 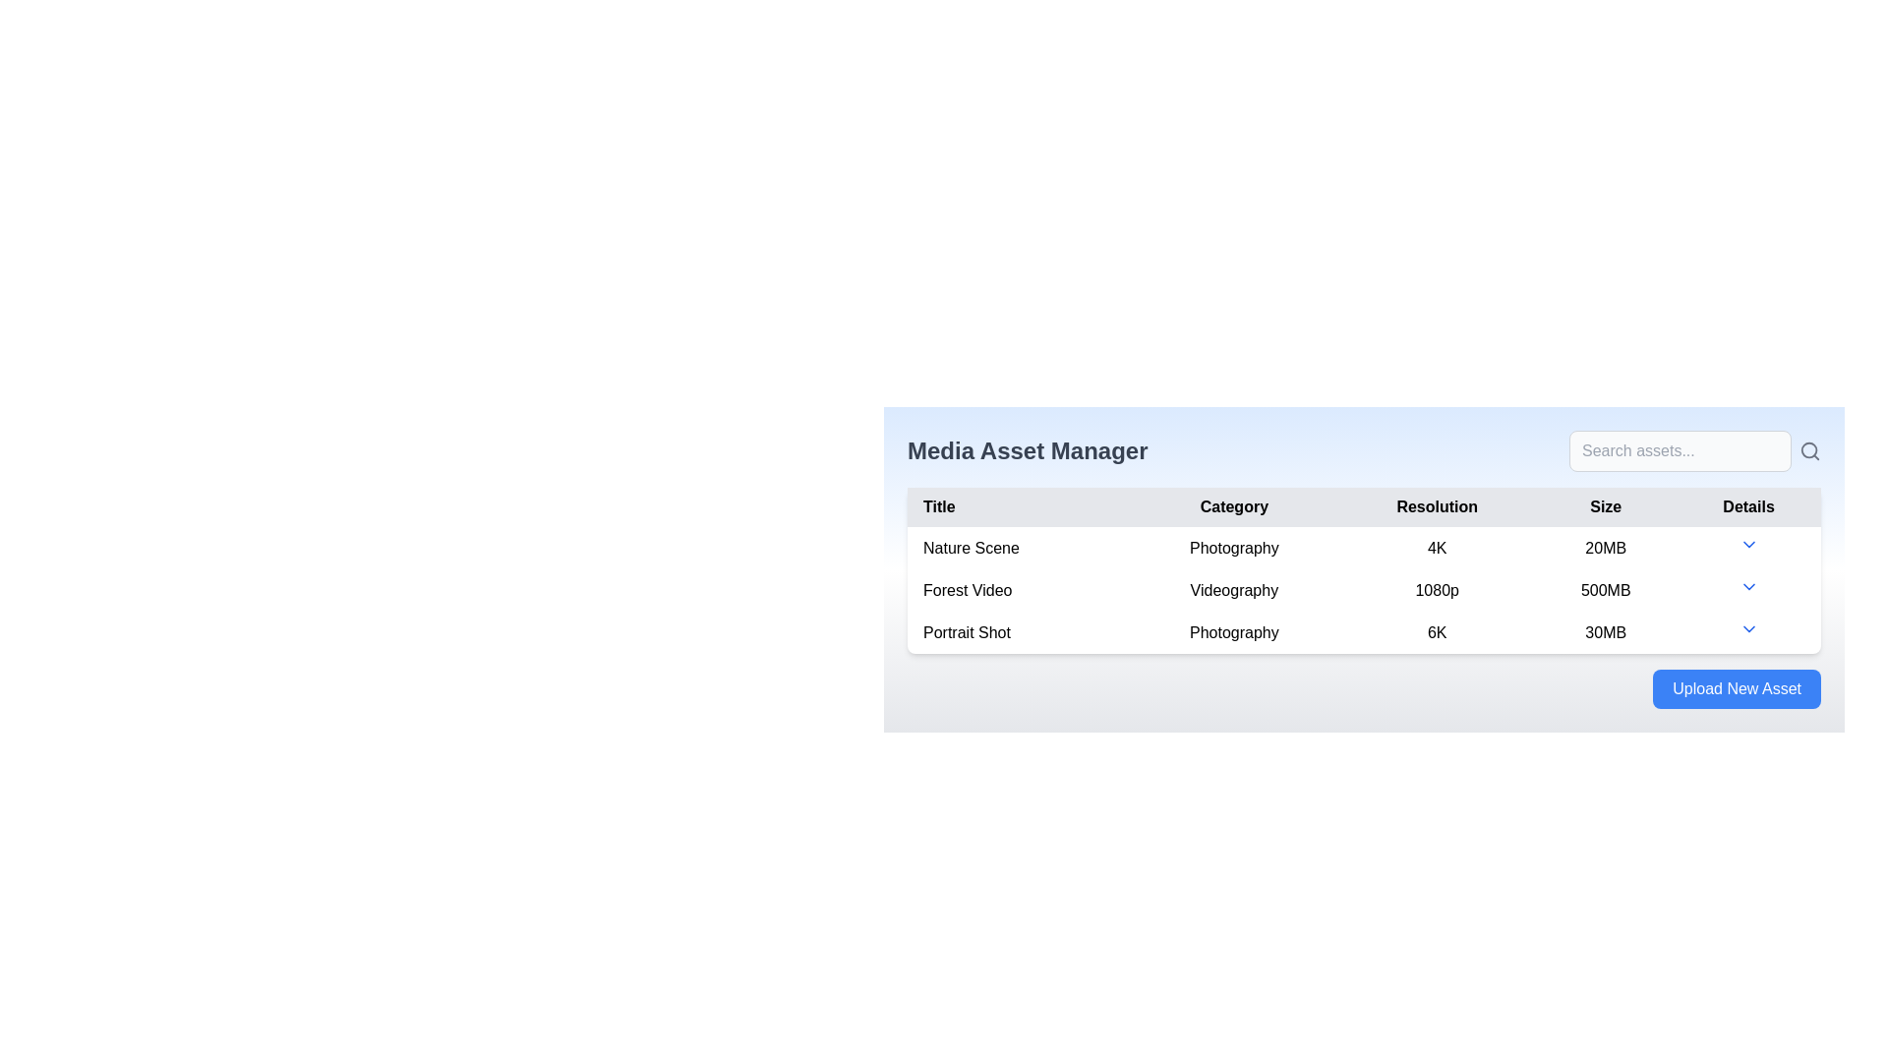 What do you see at coordinates (1606, 589) in the screenshot?
I see `text label displaying '500MB' located in the 'Size' column of the second row corresponding to the 'Forest Video' entry` at bounding box center [1606, 589].